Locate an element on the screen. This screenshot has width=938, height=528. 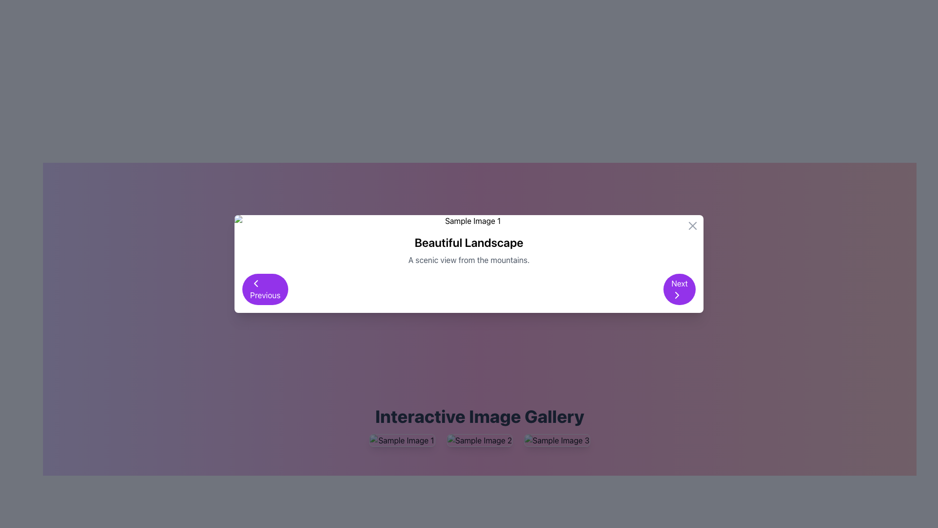
the first image titled 'Sample Image 1' in the gallery to apply the hover effect is located at coordinates (402, 440).